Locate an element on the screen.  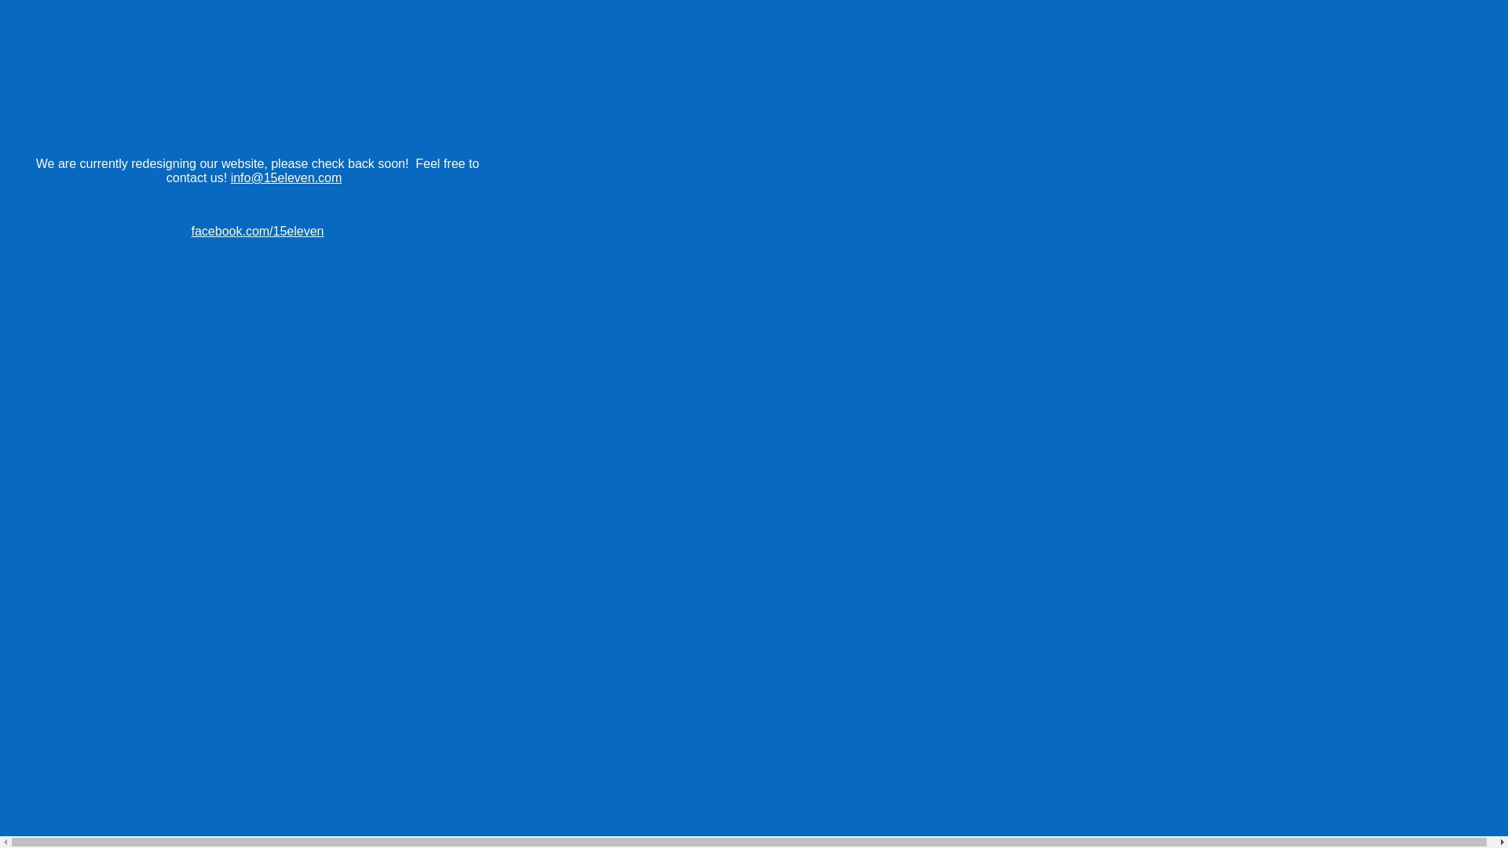
'info@15eleven.com' is located at coordinates (286, 177).